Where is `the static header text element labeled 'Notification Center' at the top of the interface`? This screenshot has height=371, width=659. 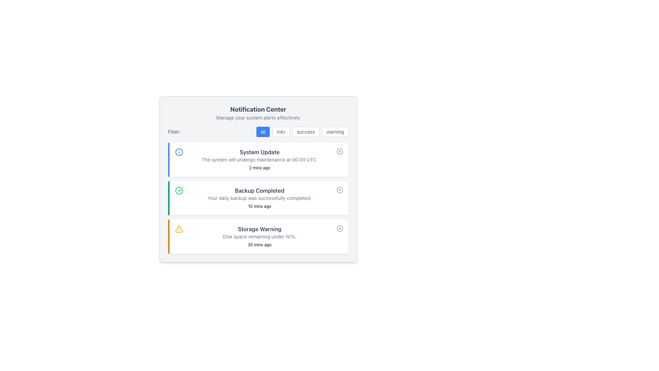 the static header text element labeled 'Notification Center' at the top of the interface is located at coordinates (258, 109).